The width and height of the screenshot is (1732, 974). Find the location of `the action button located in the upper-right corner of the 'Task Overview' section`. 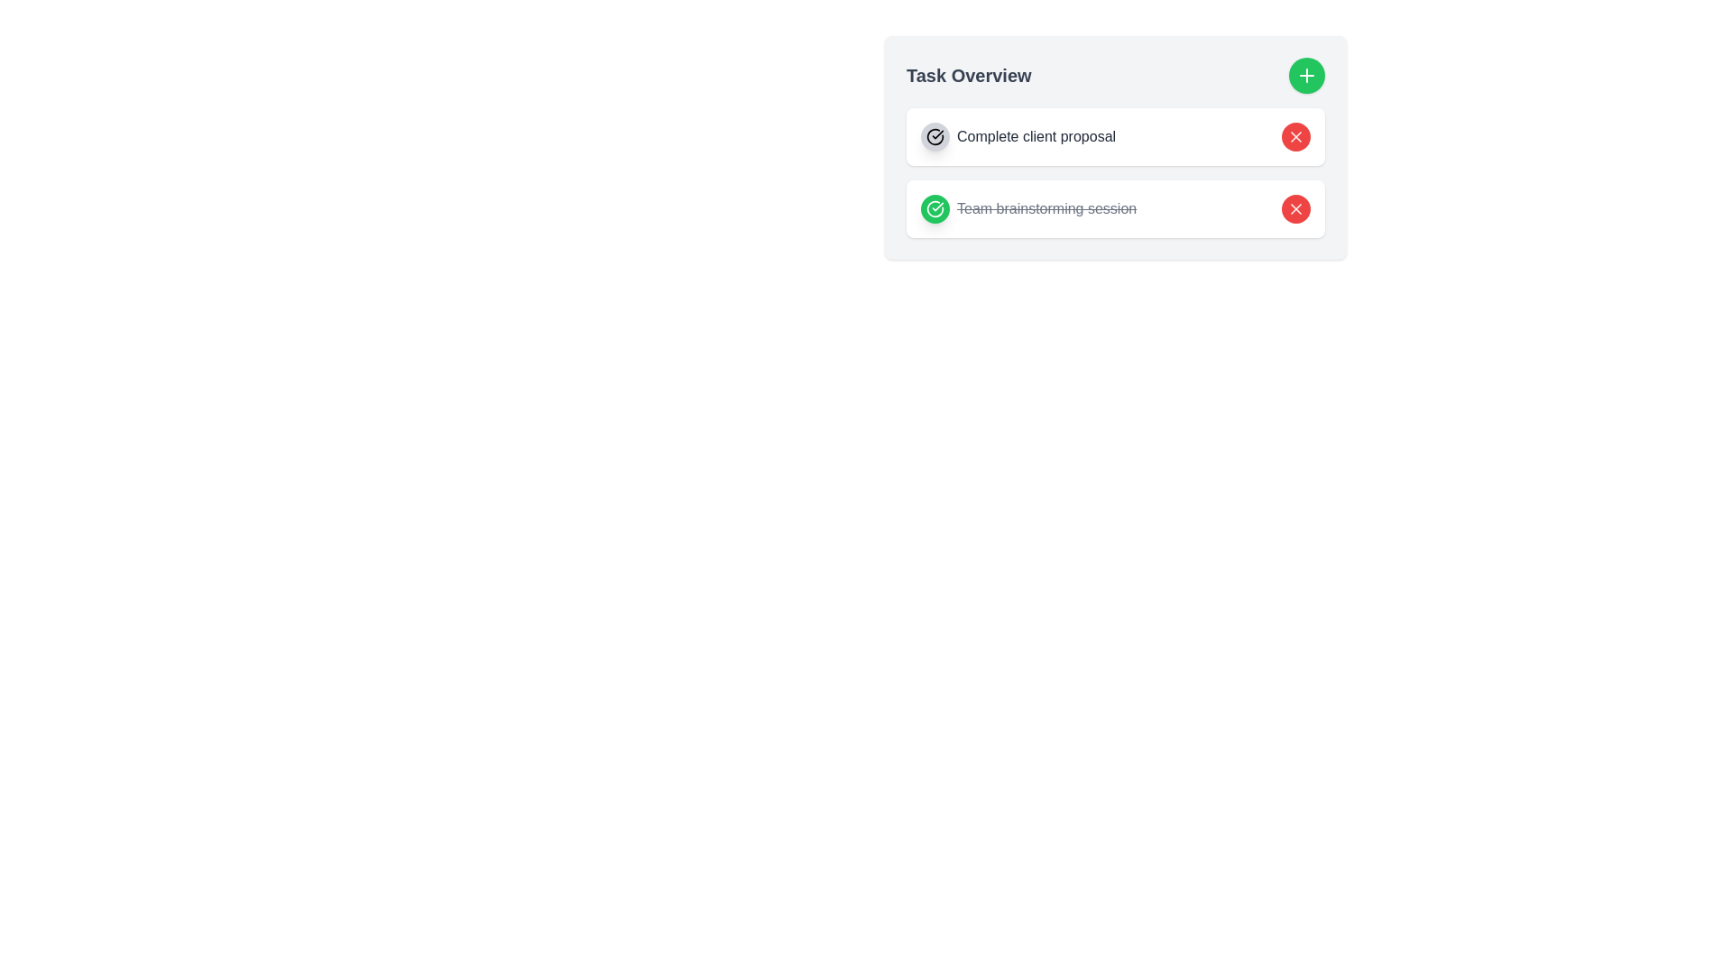

the action button located in the upper-right corner of the 'Task Overview' section is located at coordinates (1307, 75).